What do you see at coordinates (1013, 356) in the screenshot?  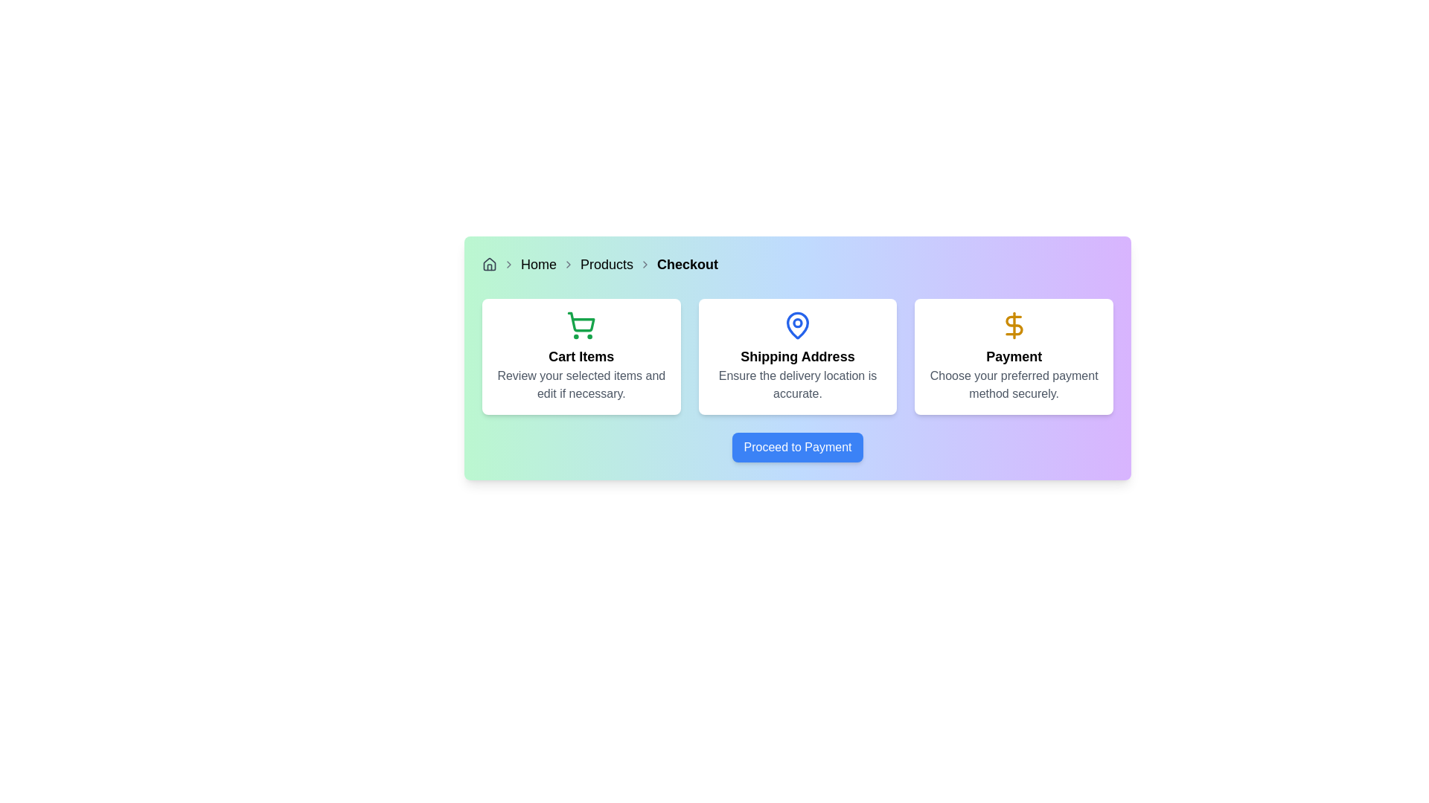 I see `the Information Card, which is styled with a white background, shadow effect, and rounded corners, containing a yellow dollar sign icon at the top and a bold 'Payment' title beneath it` at bounding box center [1013, 356].